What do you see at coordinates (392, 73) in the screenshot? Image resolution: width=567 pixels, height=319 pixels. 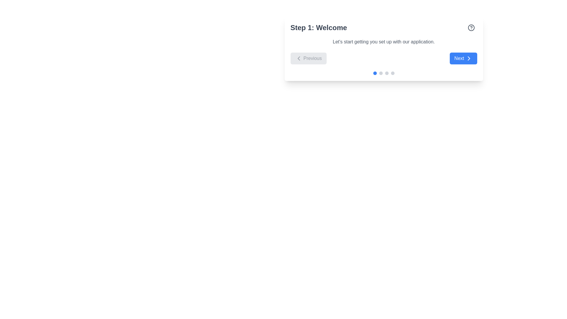 I see `the fourth circle of the progress indicator, which highlights the current step in the navigation interface` at bounding box center [392, 73].